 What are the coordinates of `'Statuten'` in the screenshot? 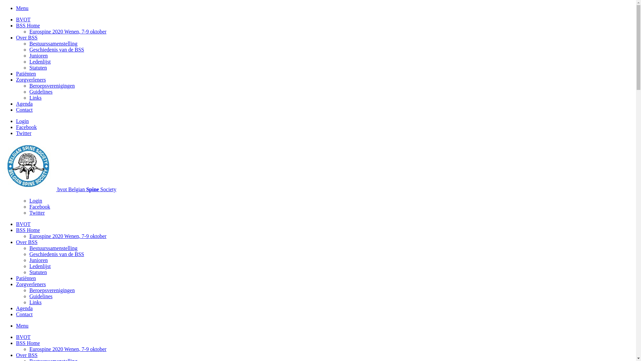 It's located at (38, 68).